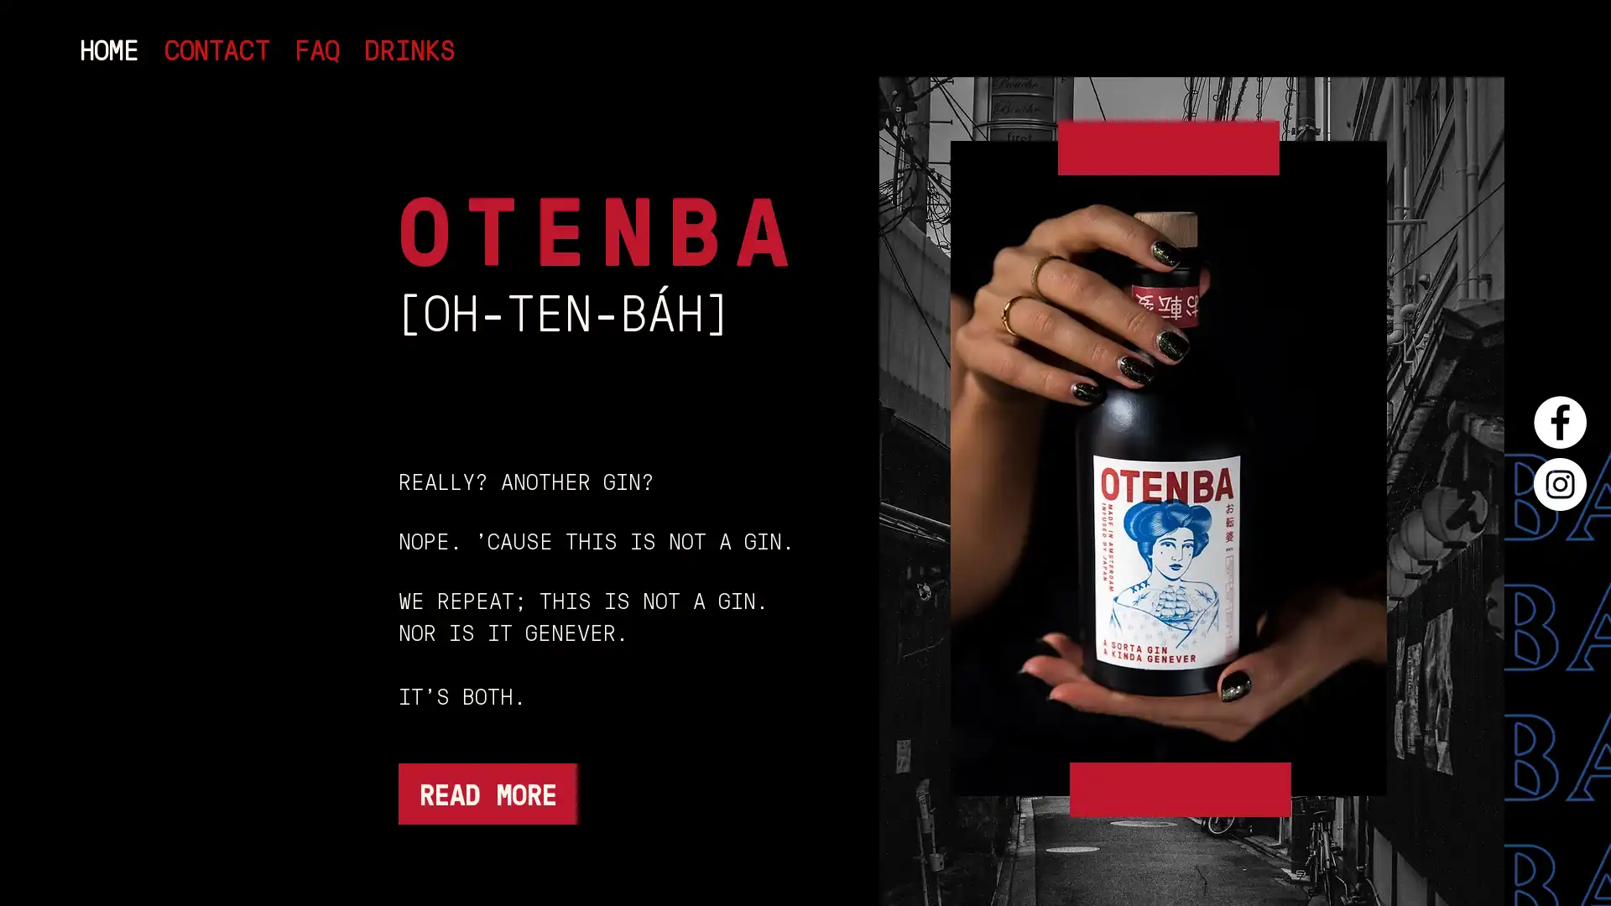 Image resolution: width=1611 pixels, height=906 pixels. I want to click on Back to site, so click(1542, 60).